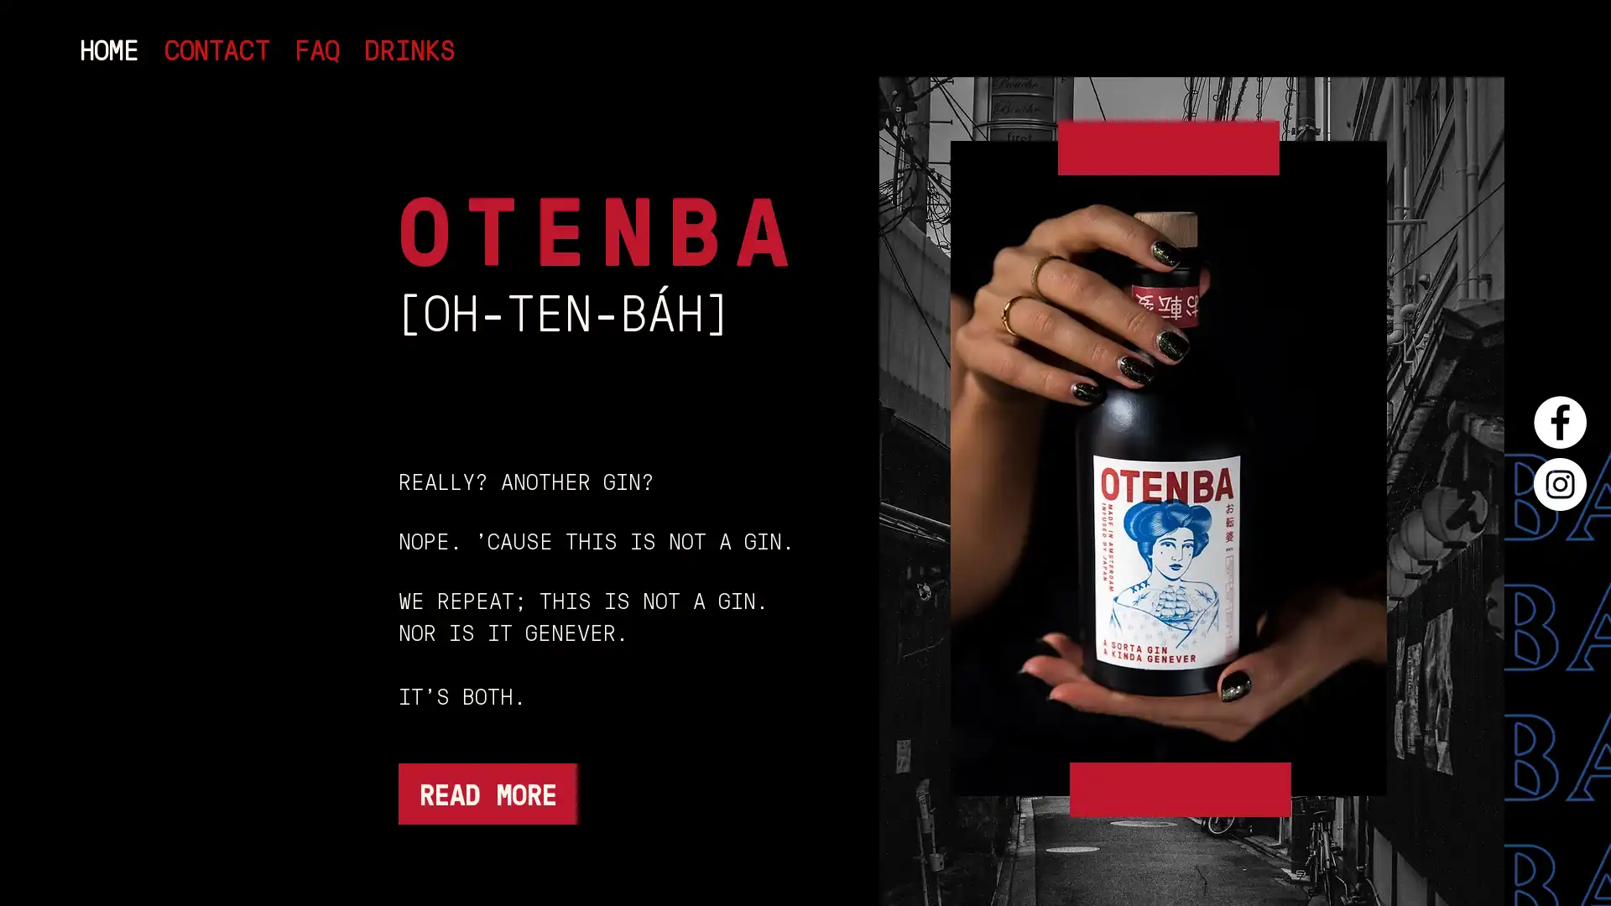 Image resolution: width=1611 pixels, height=906 pixels. I want to click on Back to site, so click(1542, 60).